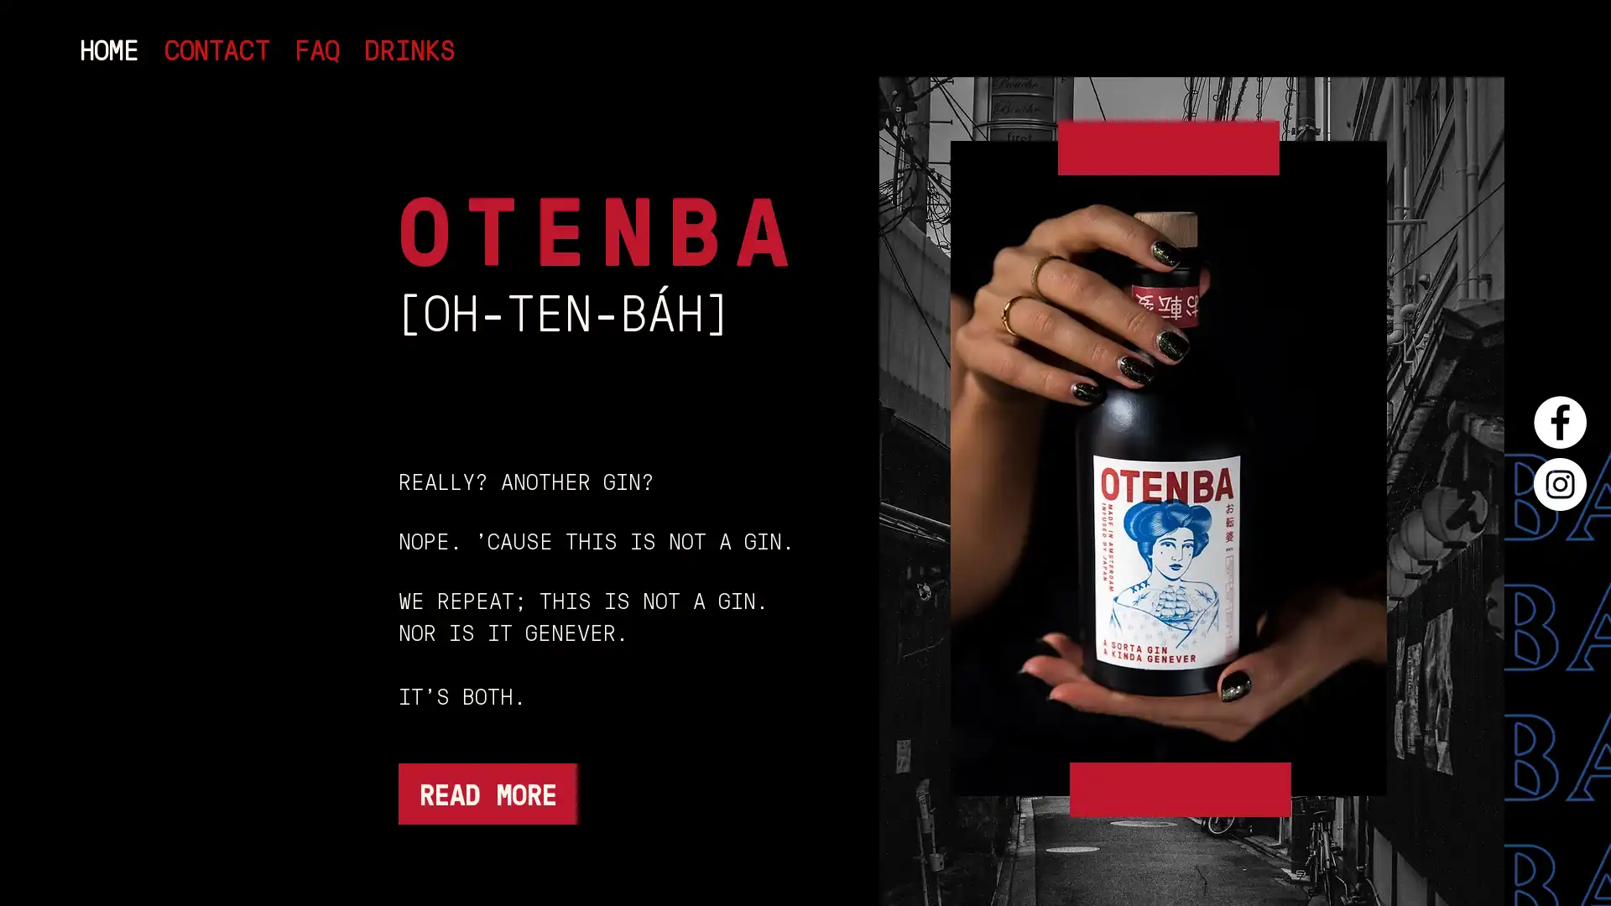 Image resolution: width=1611 pixels, height=906 pixels. I want to click on Back to site, so click(1542, 60).